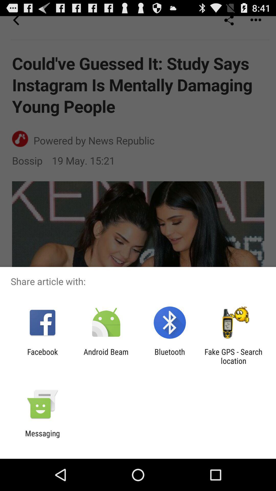 The image size is (276, 491). I want to click on icon to the left of the android beam item, so click(42, 356).